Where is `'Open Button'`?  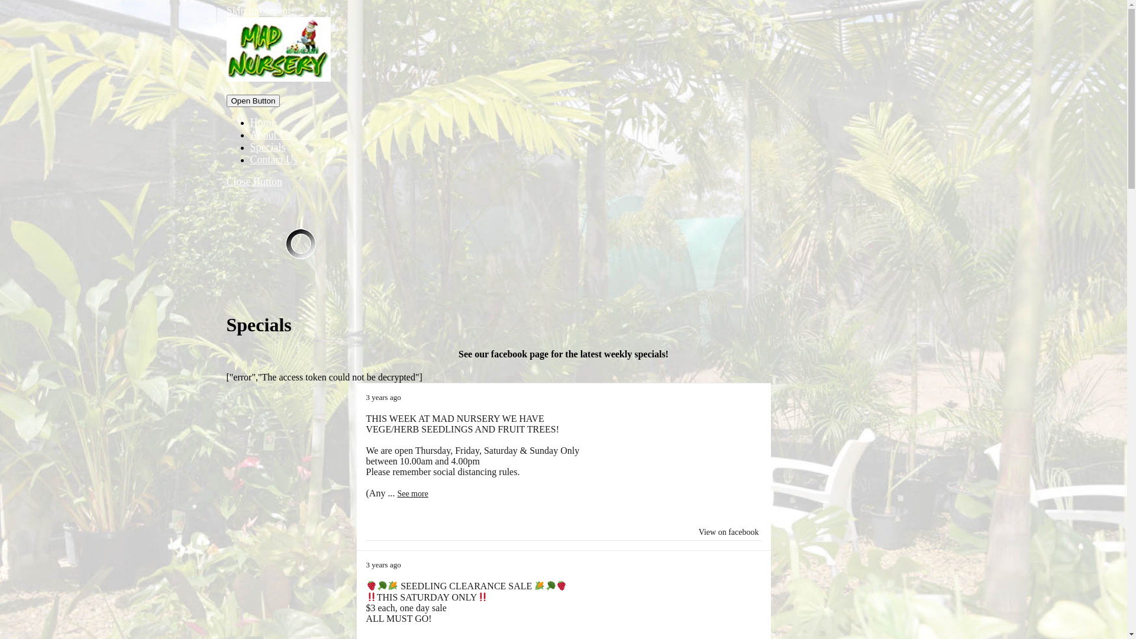
'Open Button' is located at coordinates (252, 100).